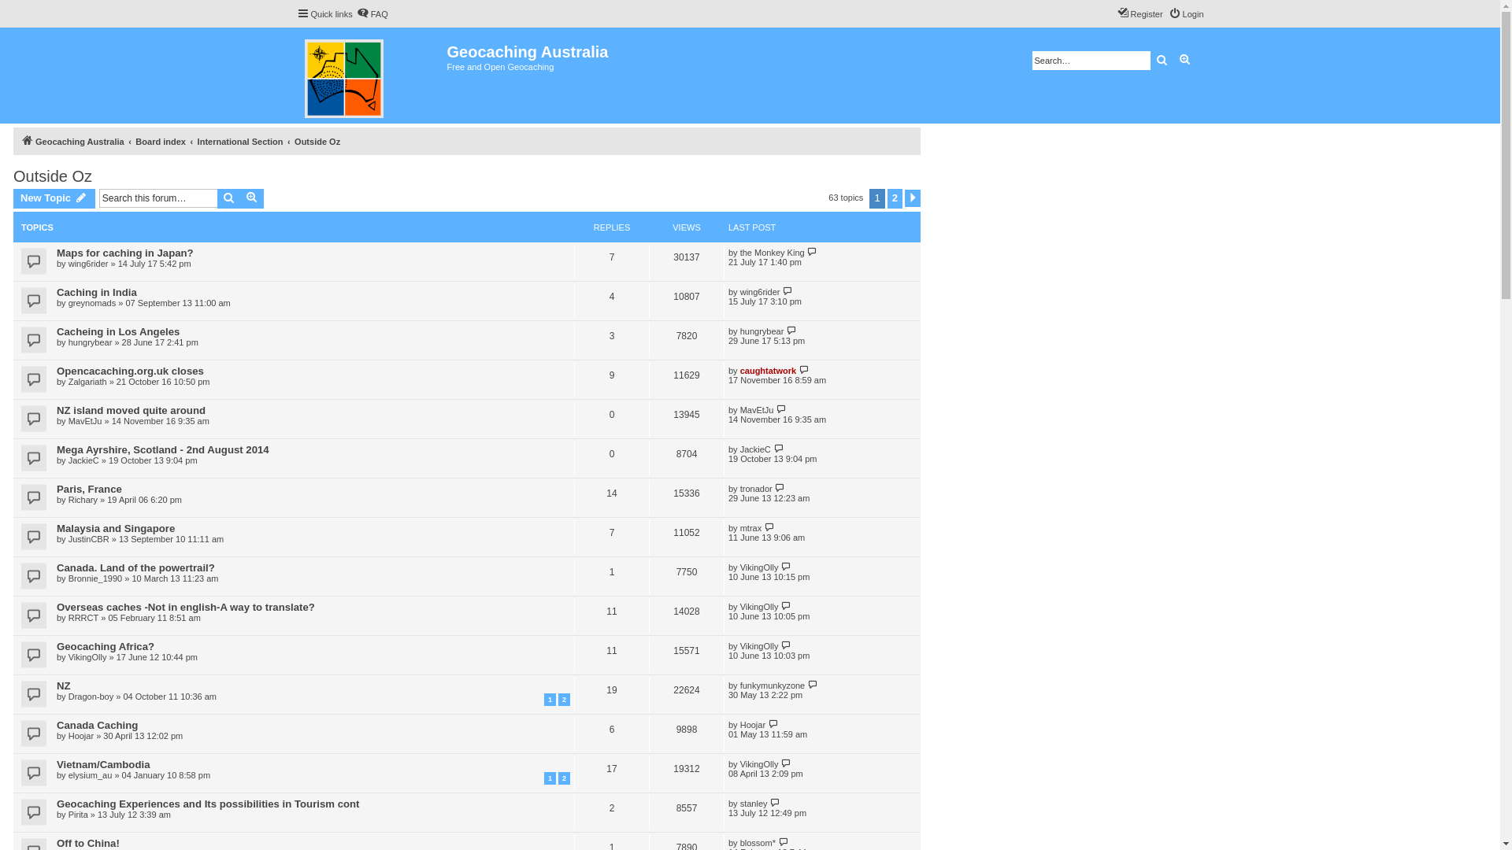 This screenshot has height=850, width=1512. What do you see at coordinates (94, 578) in the screenshot?
I see `'Bronnie_1990'` at bounding box center [94, 578].